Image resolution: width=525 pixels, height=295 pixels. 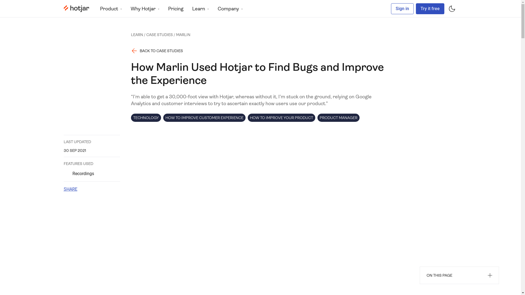 I want to click on 'Try it free', so click(x=429, y=8).